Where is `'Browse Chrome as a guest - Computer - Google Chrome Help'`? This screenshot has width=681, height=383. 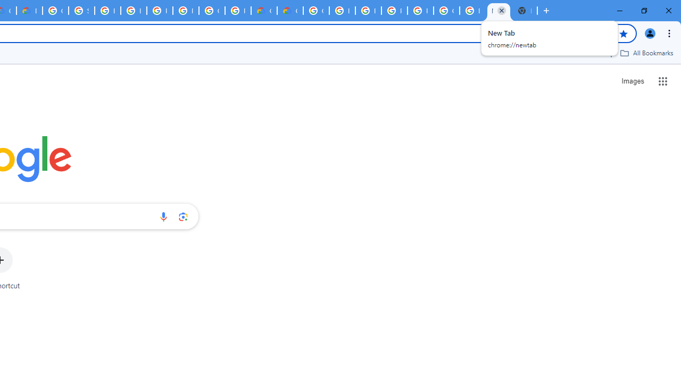
'Browse Chrome as a guest - Computer - Google Chrome Help' is located at coordinates (107, 11).